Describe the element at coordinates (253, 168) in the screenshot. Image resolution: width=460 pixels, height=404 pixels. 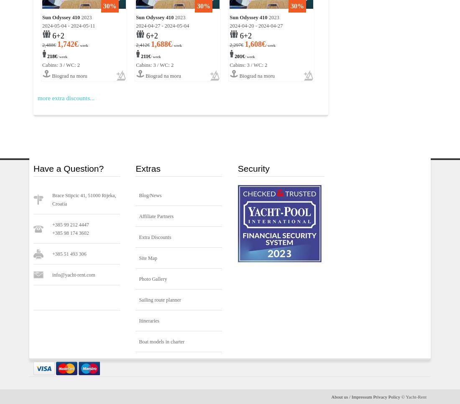
I see `'Security'` at that location.